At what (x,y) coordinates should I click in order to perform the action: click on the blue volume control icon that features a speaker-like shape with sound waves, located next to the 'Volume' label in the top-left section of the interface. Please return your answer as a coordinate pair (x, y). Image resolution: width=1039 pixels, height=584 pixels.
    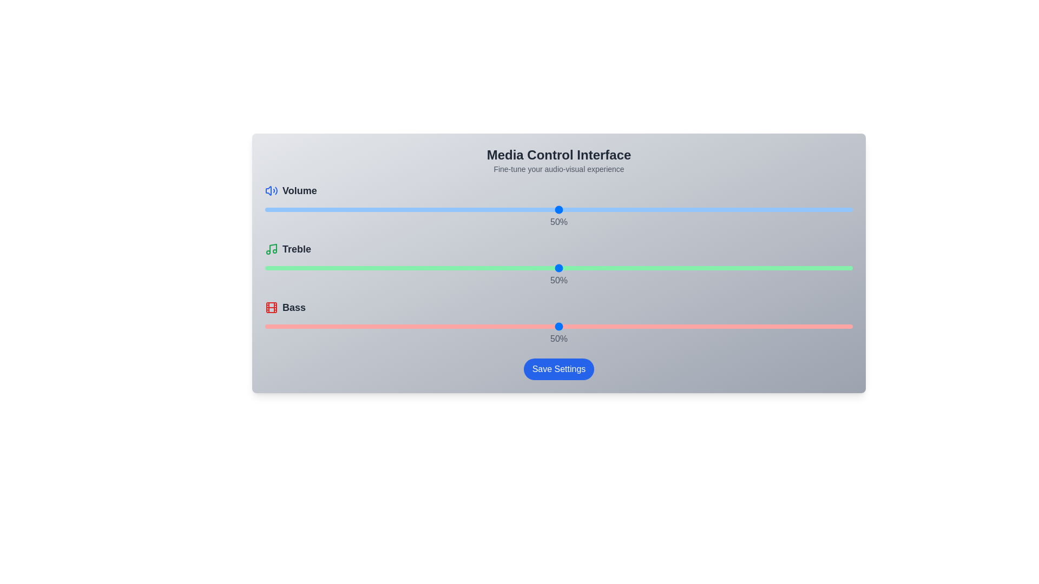
    Looking at the image, I should click on (272, 190).